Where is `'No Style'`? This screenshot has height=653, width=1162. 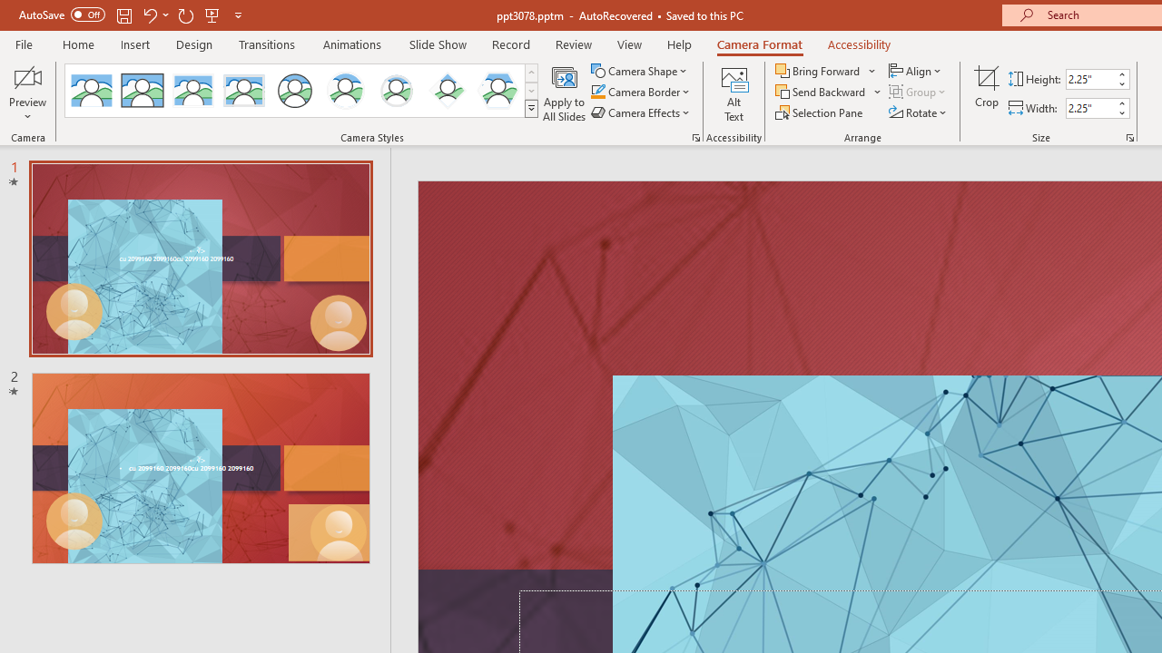
'No Style' is located at coordinates (91, 91).